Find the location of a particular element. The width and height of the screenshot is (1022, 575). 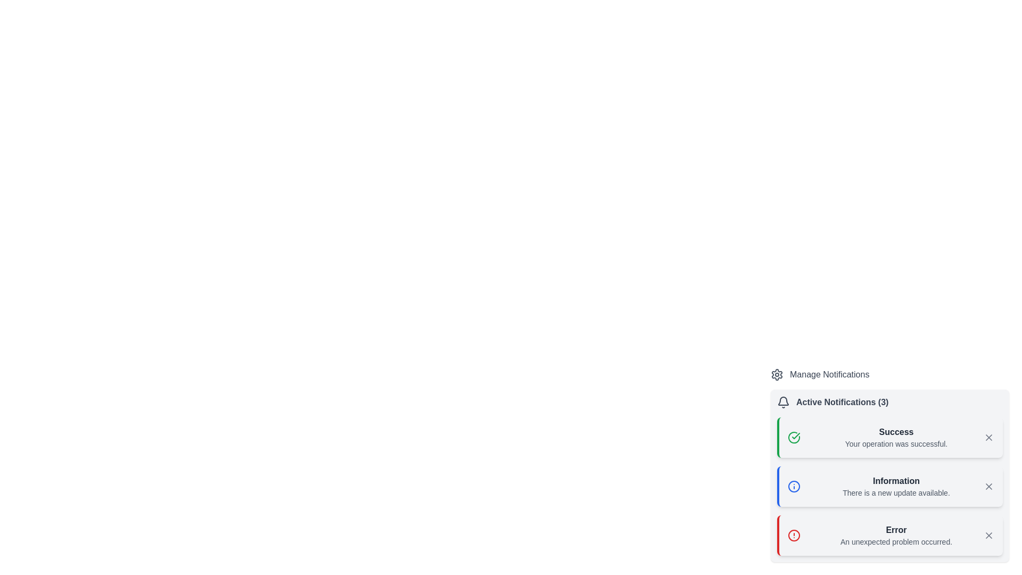

the informational notification icon located at the start of the 'Information' notification card, before the title and text description is located at coordinates (794, 487).